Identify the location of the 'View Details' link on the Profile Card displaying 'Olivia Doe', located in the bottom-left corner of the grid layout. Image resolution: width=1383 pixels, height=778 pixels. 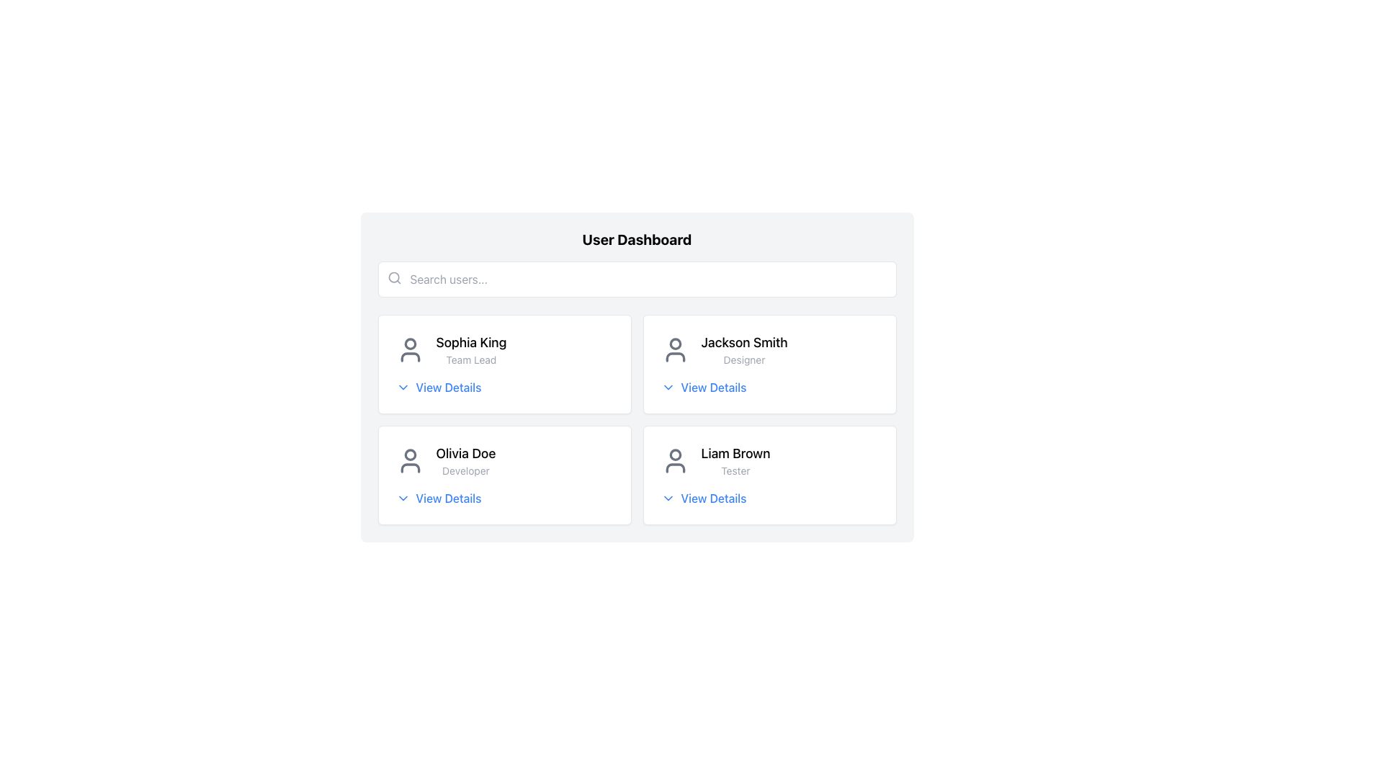
(504, 475).